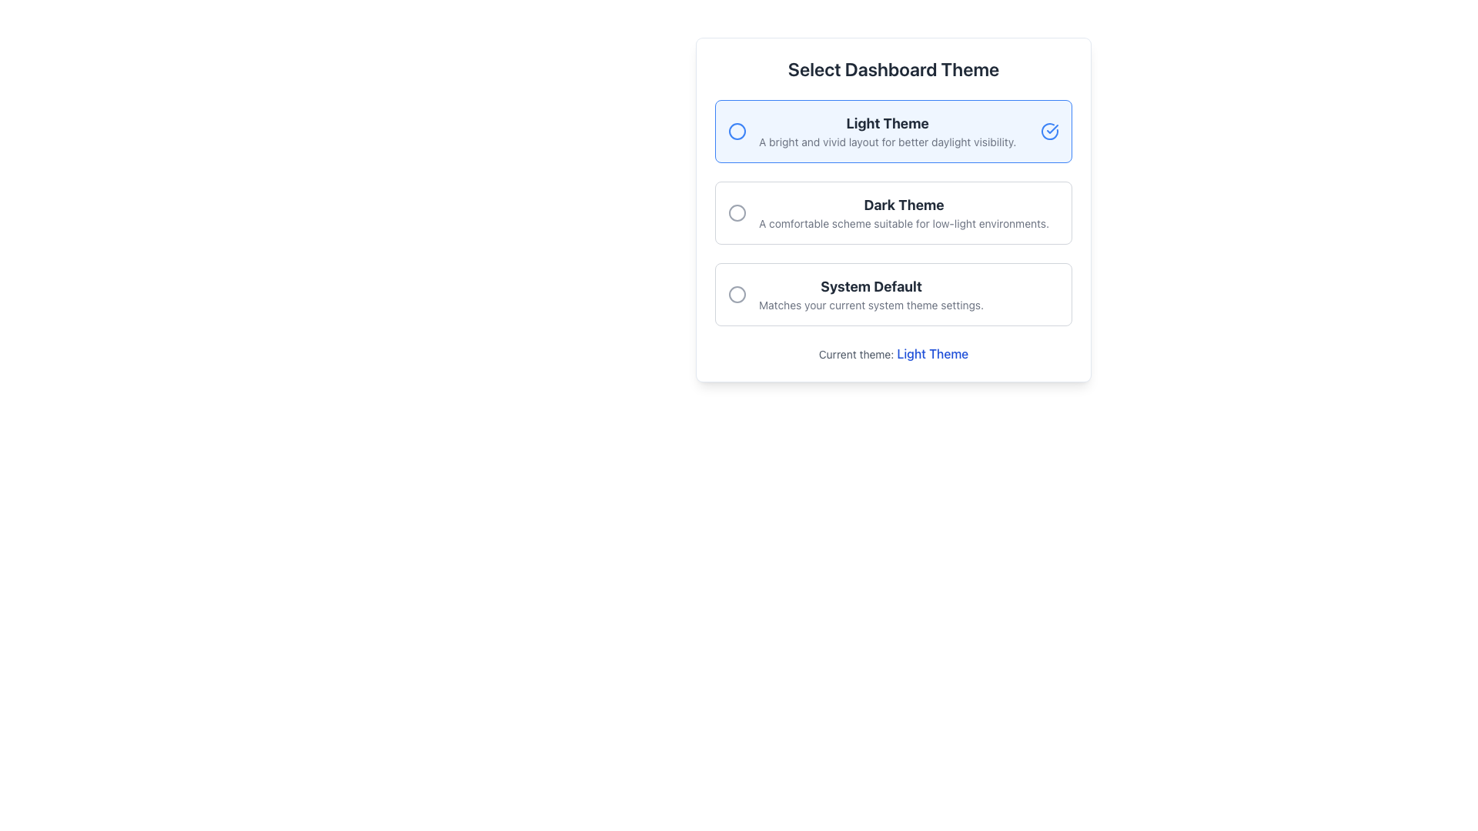 The width and height of the screenshot is (1478, 831). Describe the element at coordinates (894, 130) in the screenshot. I see `the selectable option titled 'Light Theme' with a blue background and border` at that location.